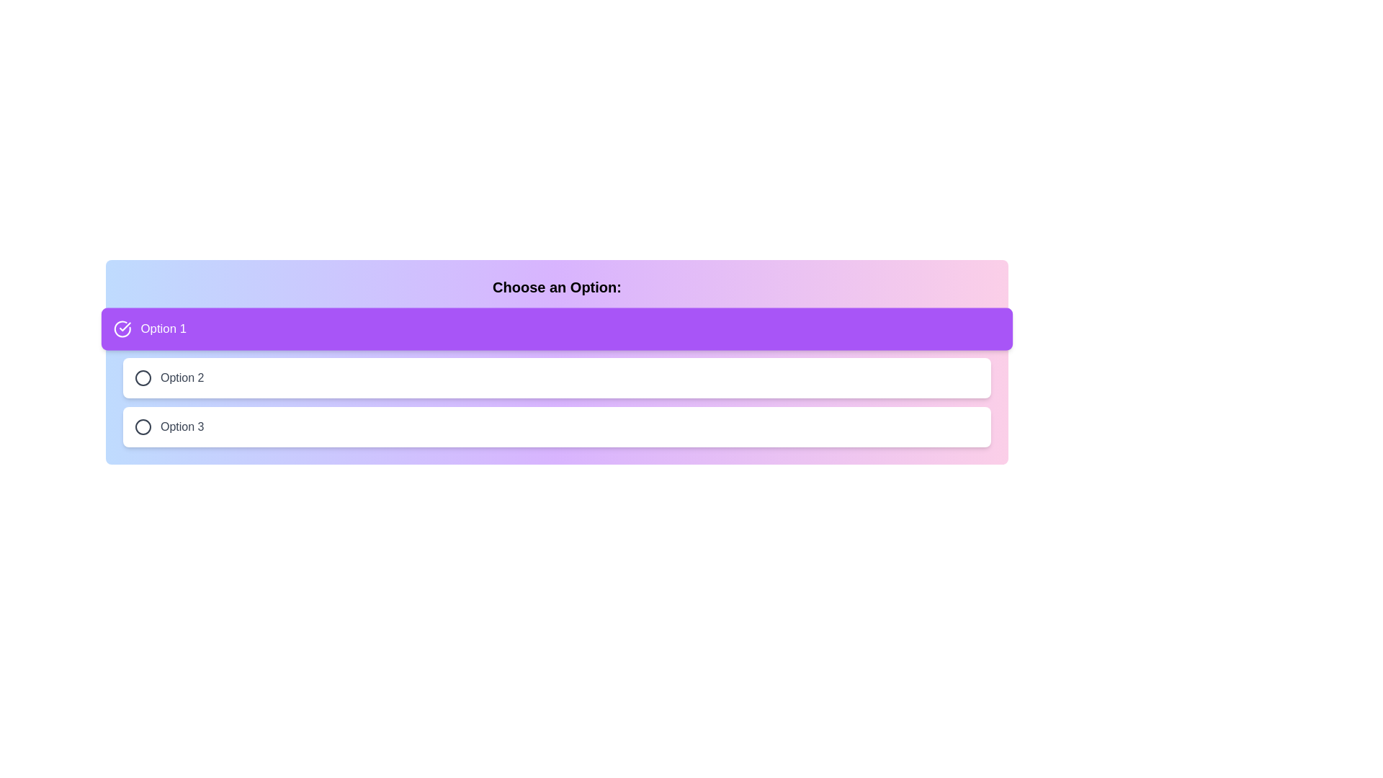 This screenshot has width=1383, height=778. What do you see at coordinates (556, 426) in the screenshot?
I see `the third item in the selectable list` at bounding box center [556, 426].